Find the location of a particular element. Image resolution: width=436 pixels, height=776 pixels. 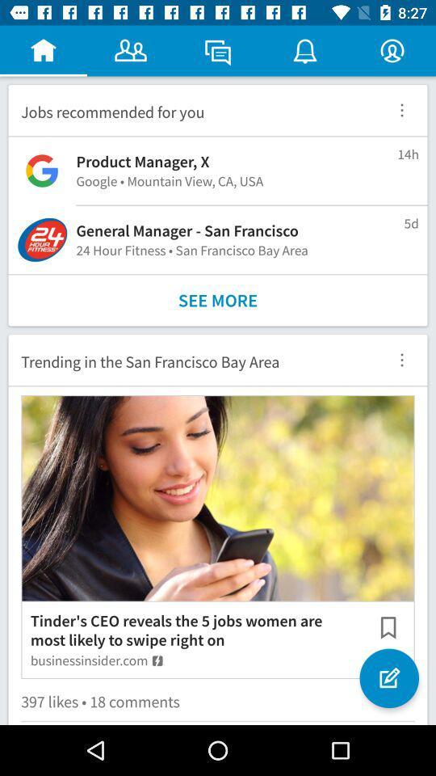

item to the right of the tinder s ceo is located at coordinates (388, 626).